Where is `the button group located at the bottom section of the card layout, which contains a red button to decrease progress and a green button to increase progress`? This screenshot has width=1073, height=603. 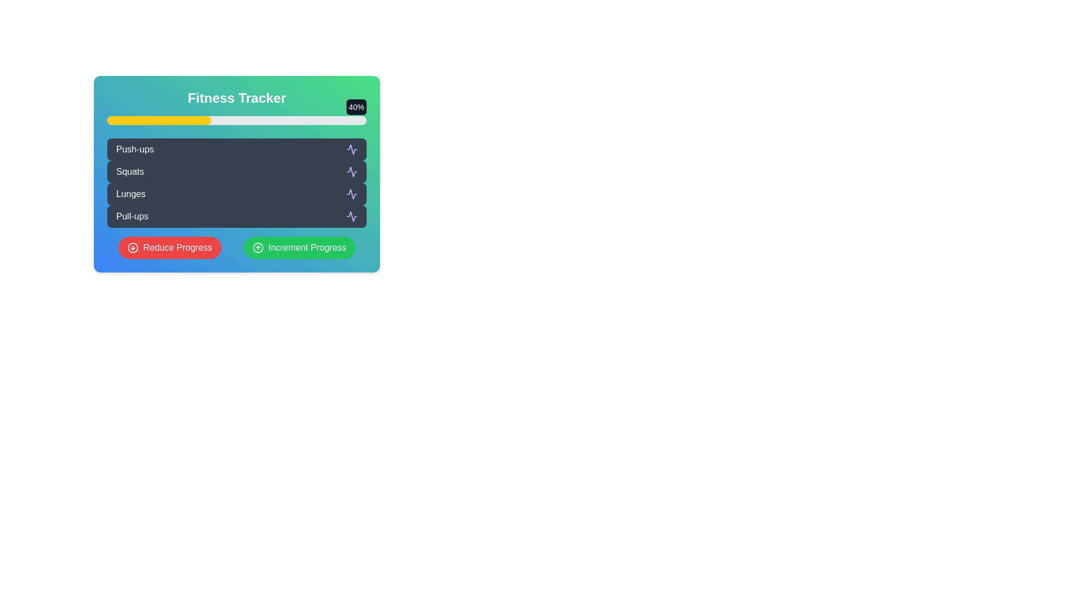 the button group located at the bottom section of the card layout, which contains a red button to decrease progress and a green button to increase progress is located at coordinates (236, 247).